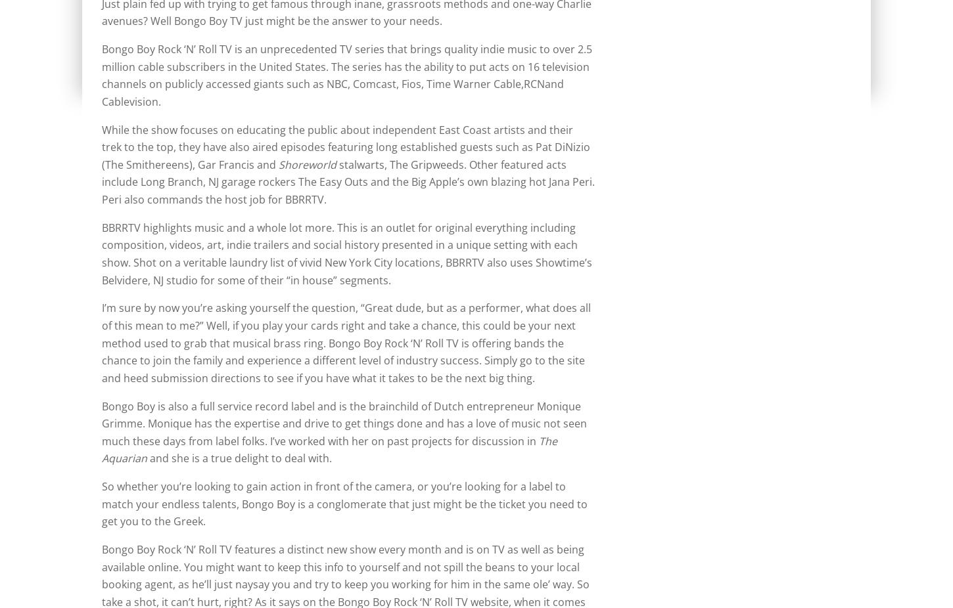 The image size is (953, 608). Describe the element at coordinates (344, 422) in the screenshot. I see `'Bongo Boy is also a full service record label and is the brainchild of Dutch entrepreneur Monique Grimme. Monique has the expertise and drive to get things done and has a love of music not seen much these days from label folks. I’ve worked with her on past projects for discussion in'` at that location.